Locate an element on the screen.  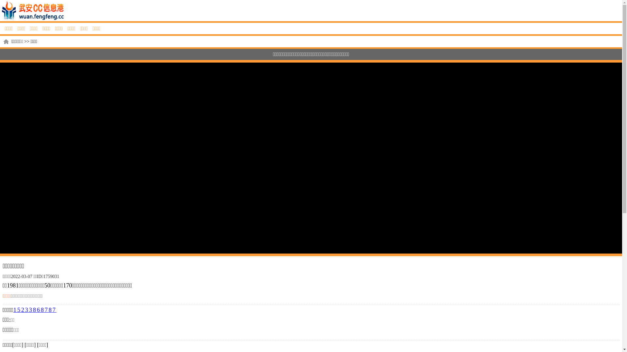
'15233868787' is located at coordinates (34, 310).